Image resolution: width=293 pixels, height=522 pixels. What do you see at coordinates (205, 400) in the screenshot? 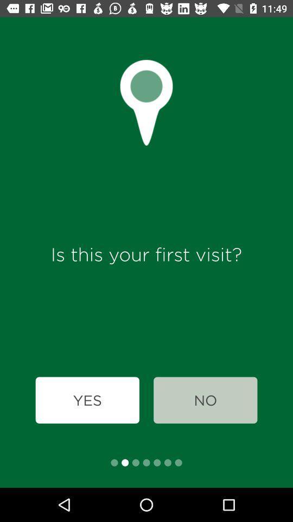
I see `icon at the bottom right corner` at bounding box center [205, 400].